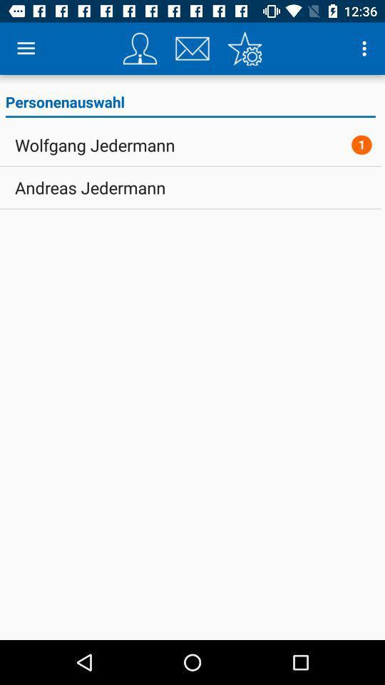 The height and width of the screenshot is (685, 385). What do you see at coordinates (244, 49) in the screenshot?
I see `open settings` at bounding box center [244, 49].